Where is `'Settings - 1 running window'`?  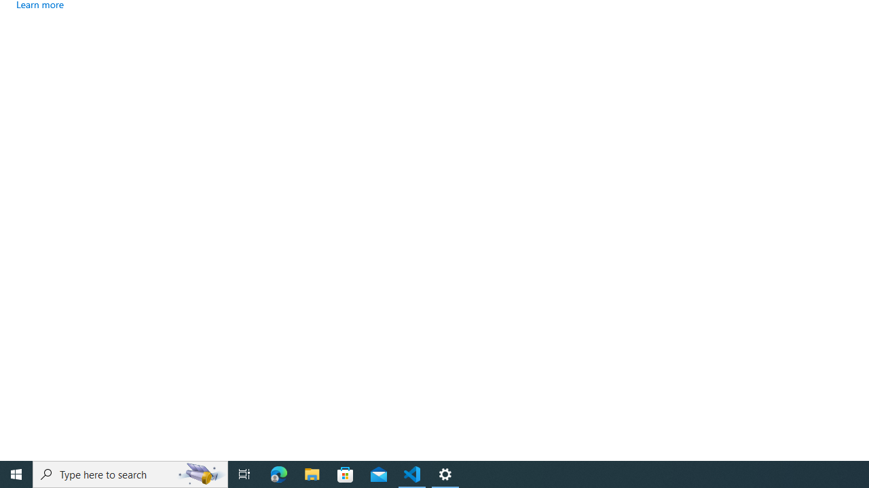 'Settings - 1 running window' is located at coordinates (445, 473).